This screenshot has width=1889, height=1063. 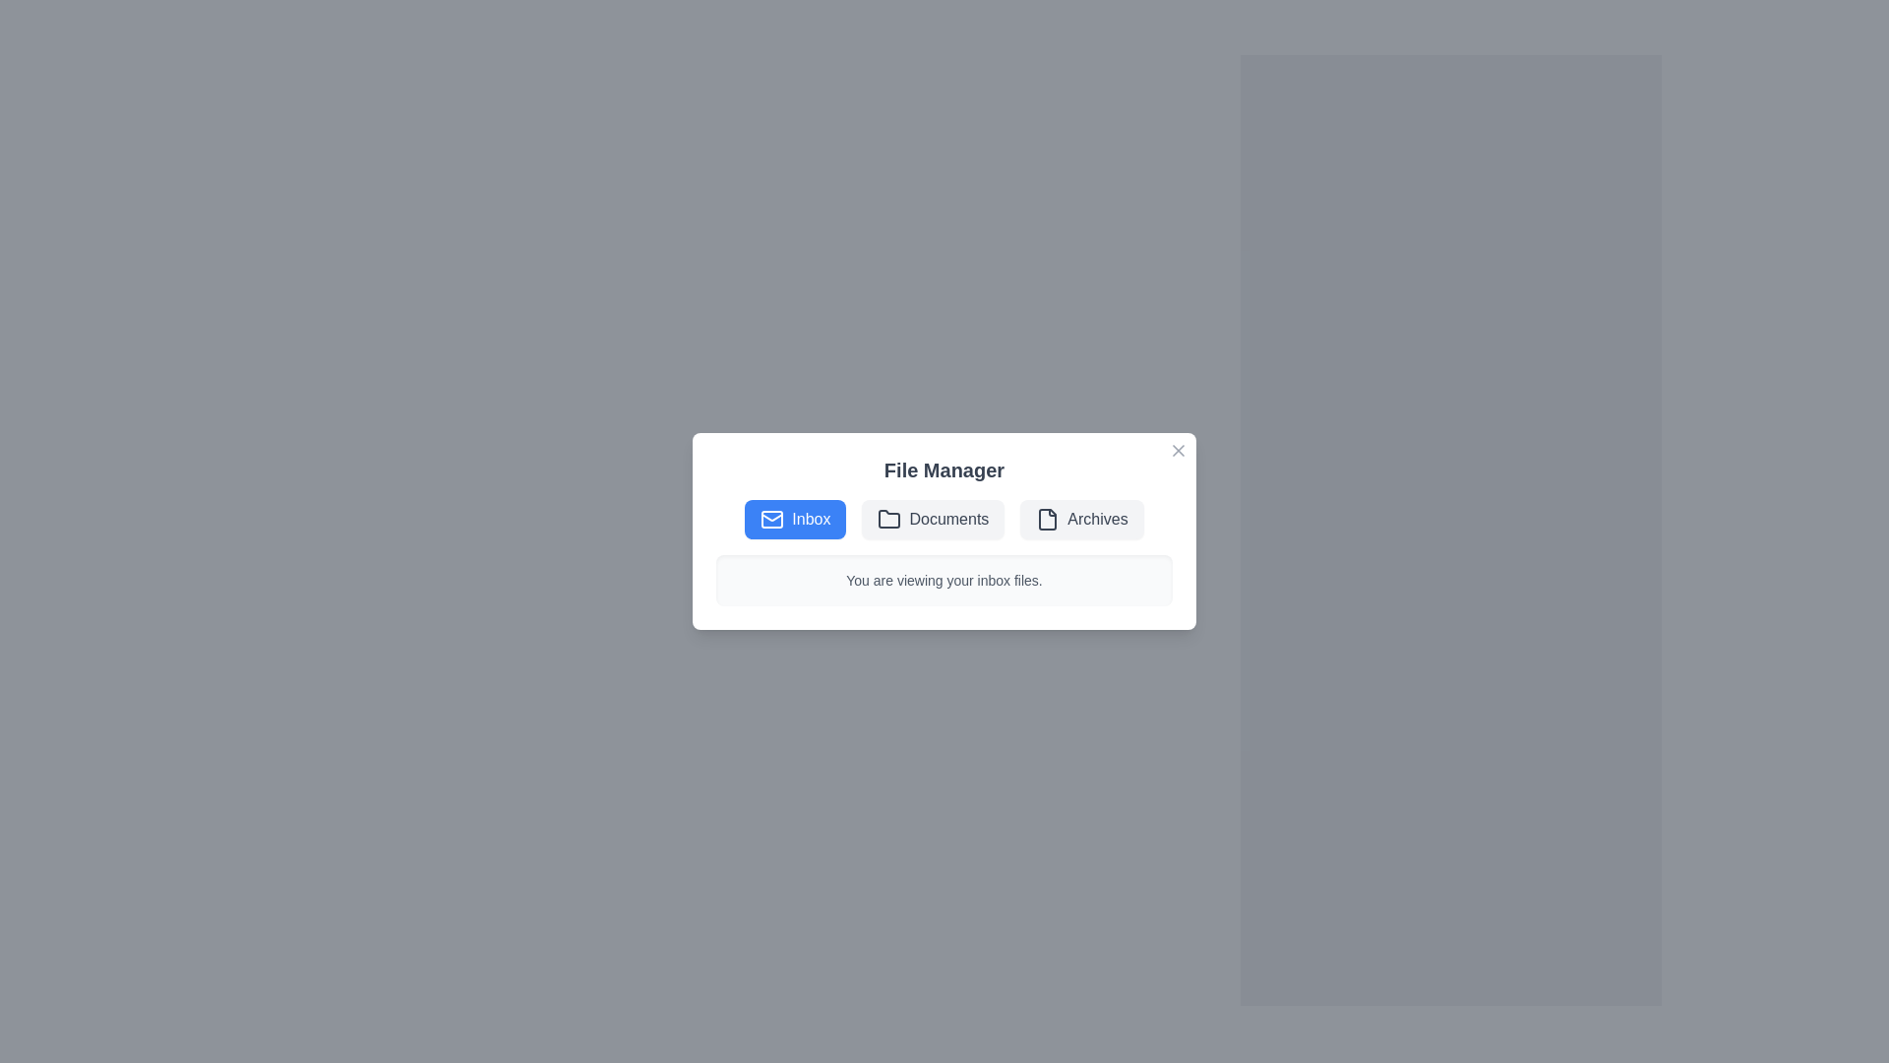 I want to click on the 'File Manager' text which is displayed in large, bold, gray text at the top section of the white dialog box, so click(x=944, y=470).